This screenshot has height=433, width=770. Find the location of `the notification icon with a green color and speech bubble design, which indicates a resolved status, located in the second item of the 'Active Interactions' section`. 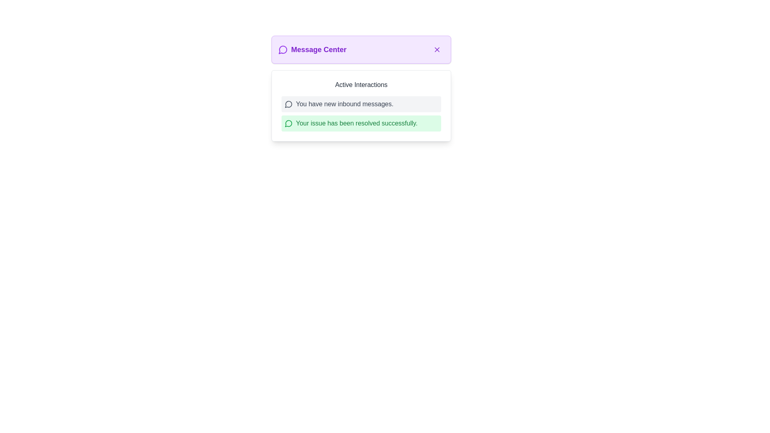

the notification icon with a green color and speech bubble design, which indicates a resolved status, located in the second item of the 'Active Interactions' section is located at coordinates (289, 123).